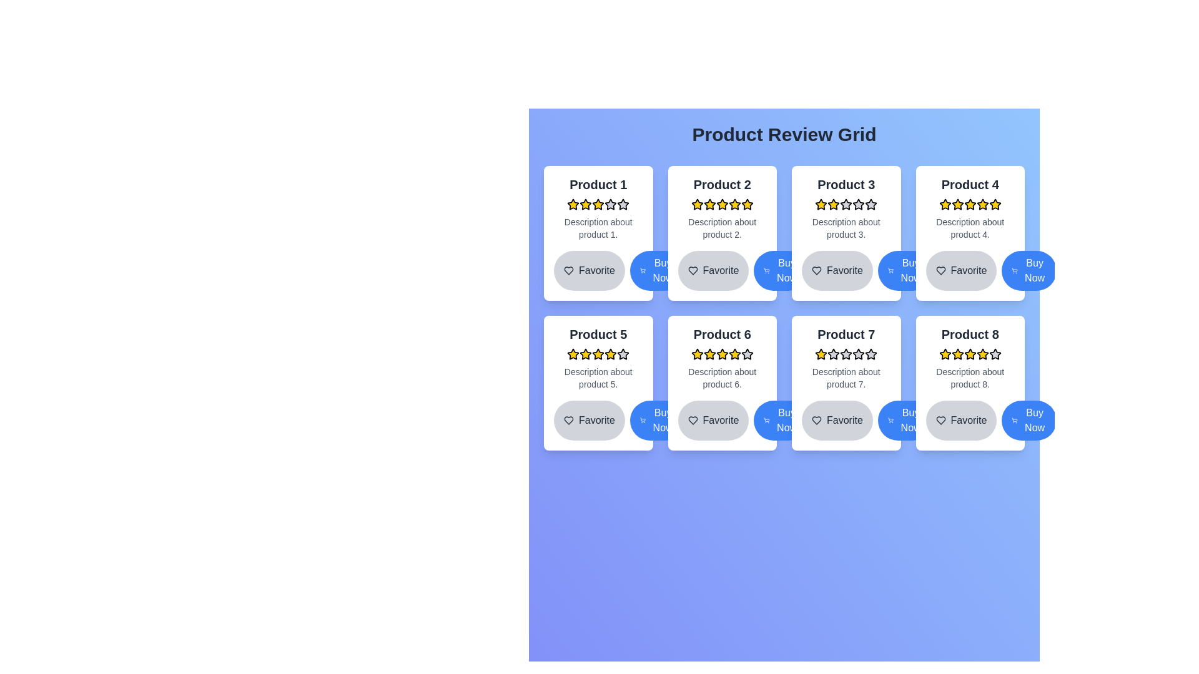 This screenshot has height=674, width=1199. Describe the element at coordinates (871, 203) in the screenshot. I see `the second star of the rating component, which is a semi-filled yellow star located in the third product card of the grid layout, to adjust the rating` at that location.